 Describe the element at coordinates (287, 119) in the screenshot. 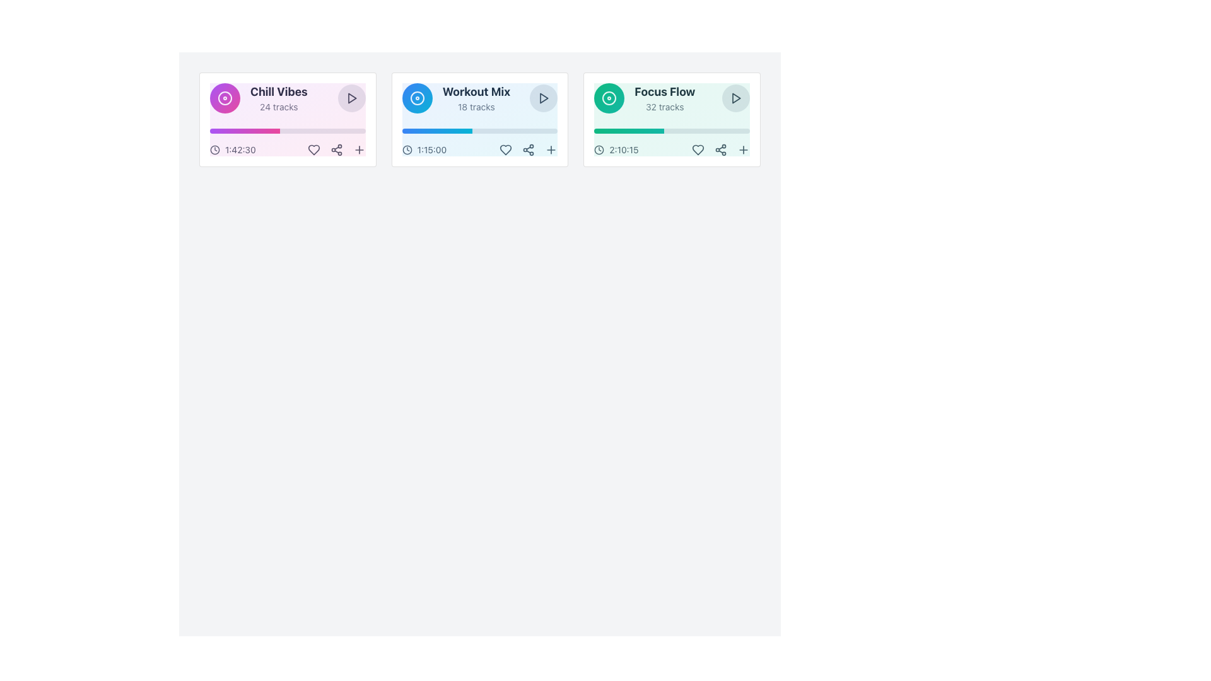

I see `the 'Chill Vibes' music playlist card component` at that location.